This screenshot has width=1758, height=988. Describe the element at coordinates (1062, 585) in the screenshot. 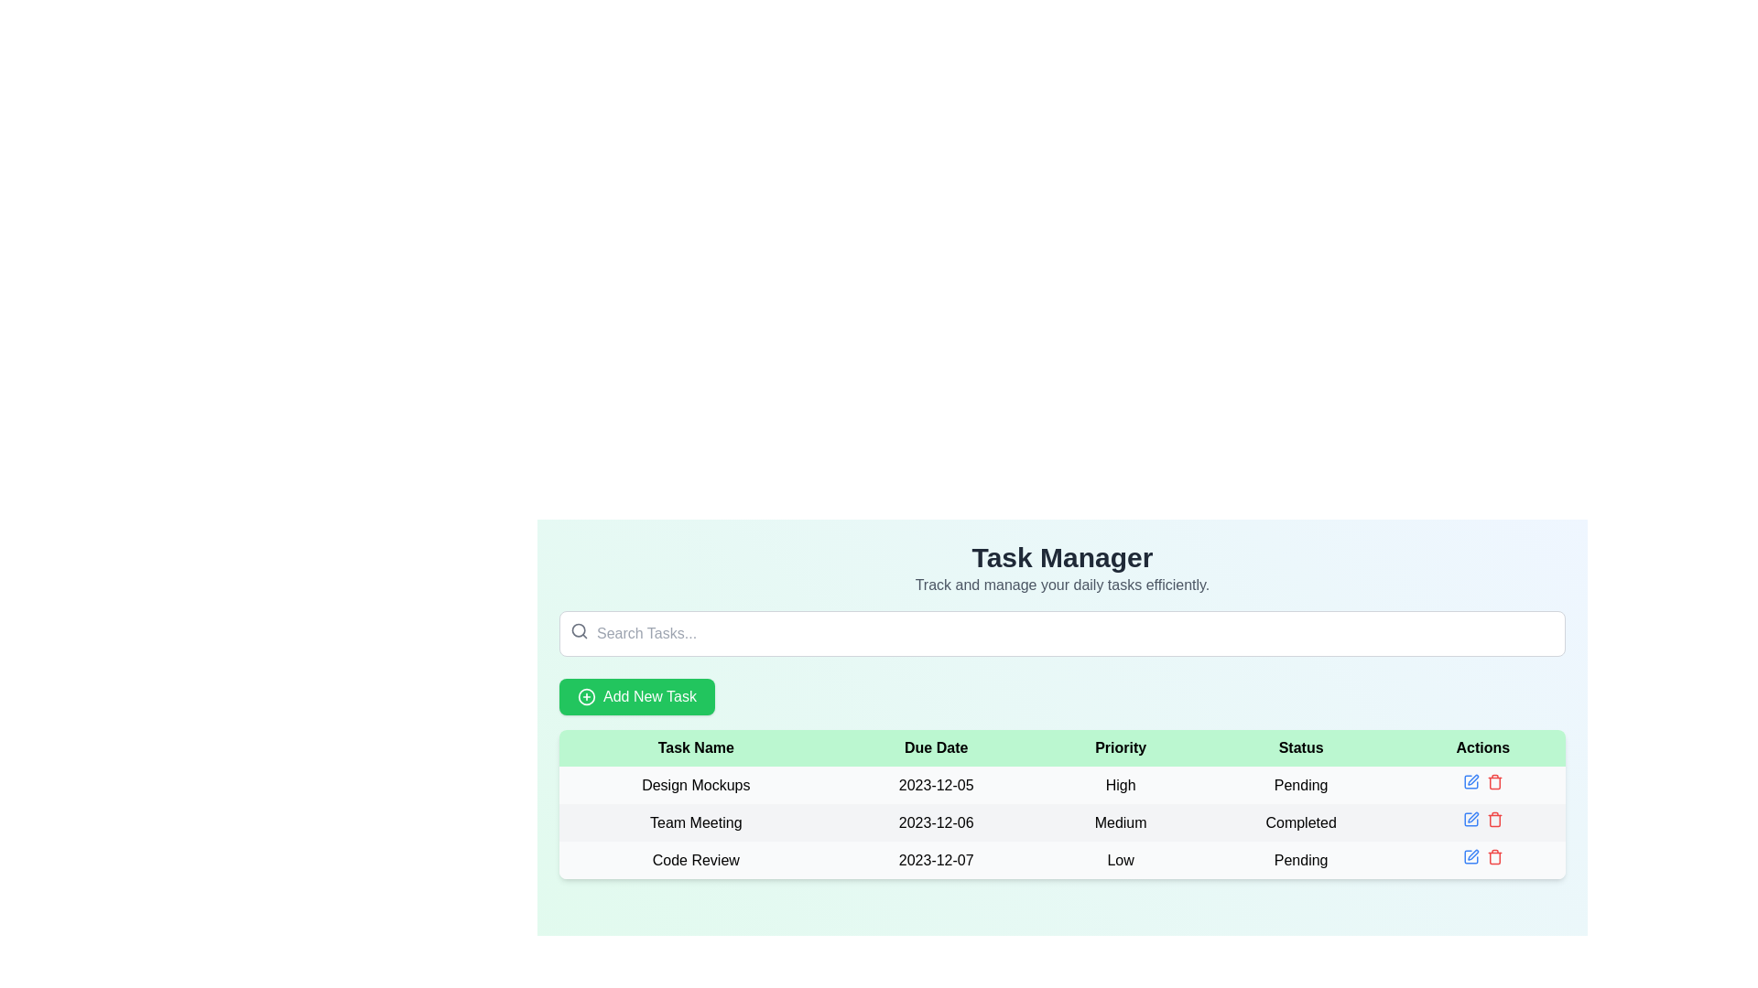

I see `the descriptive subtitle located immediately beneath the 'Task Manager' title, which is centrally aligned in the content area of the interface` at that location.